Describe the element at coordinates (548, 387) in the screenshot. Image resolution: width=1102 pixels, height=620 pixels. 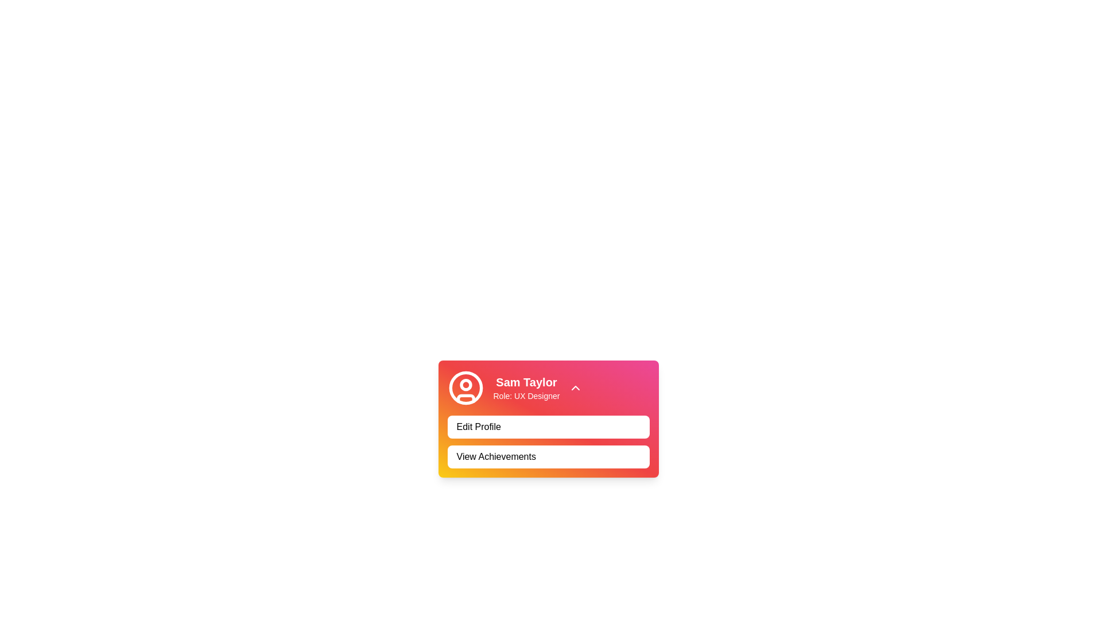
I see `the Profile Overview Section element, which includes a user profile icon on the left, the name 'Sam Taylor' in bold, and an upward arrow icon on the right` at that location.